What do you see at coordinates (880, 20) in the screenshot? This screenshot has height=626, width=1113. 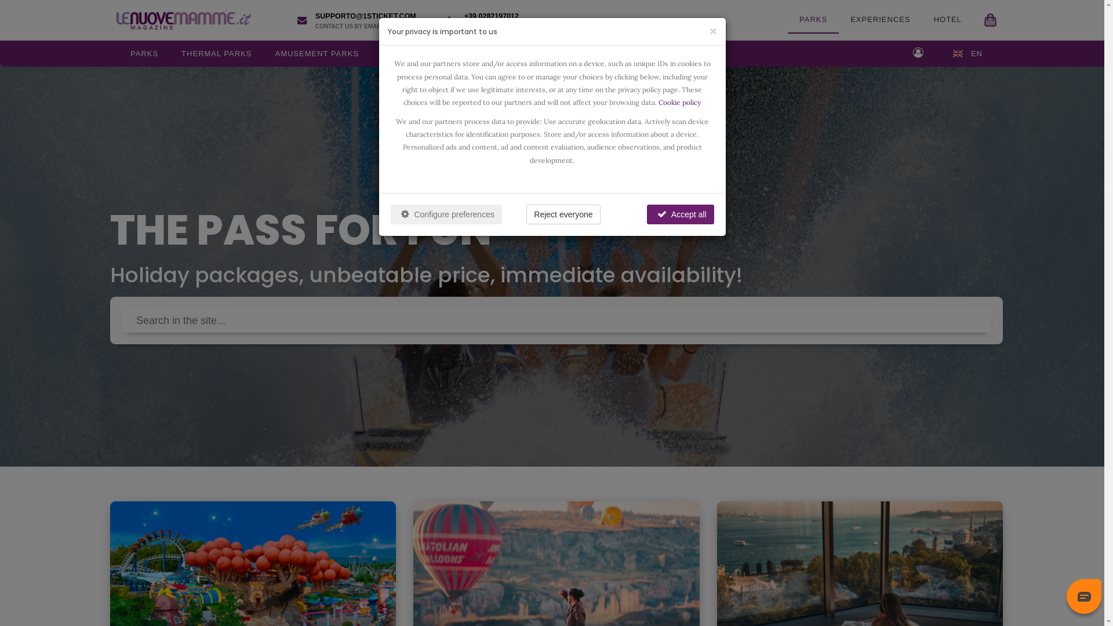 I see `'EXPERIENCES'` at bounding box center [880, 20].